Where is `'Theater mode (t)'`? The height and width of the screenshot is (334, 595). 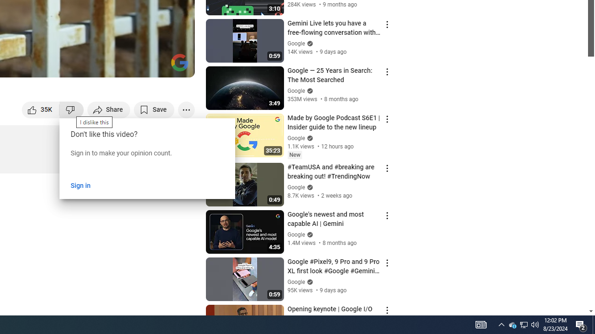 'Theater mode (t)' is located at coordinates (155, 65).